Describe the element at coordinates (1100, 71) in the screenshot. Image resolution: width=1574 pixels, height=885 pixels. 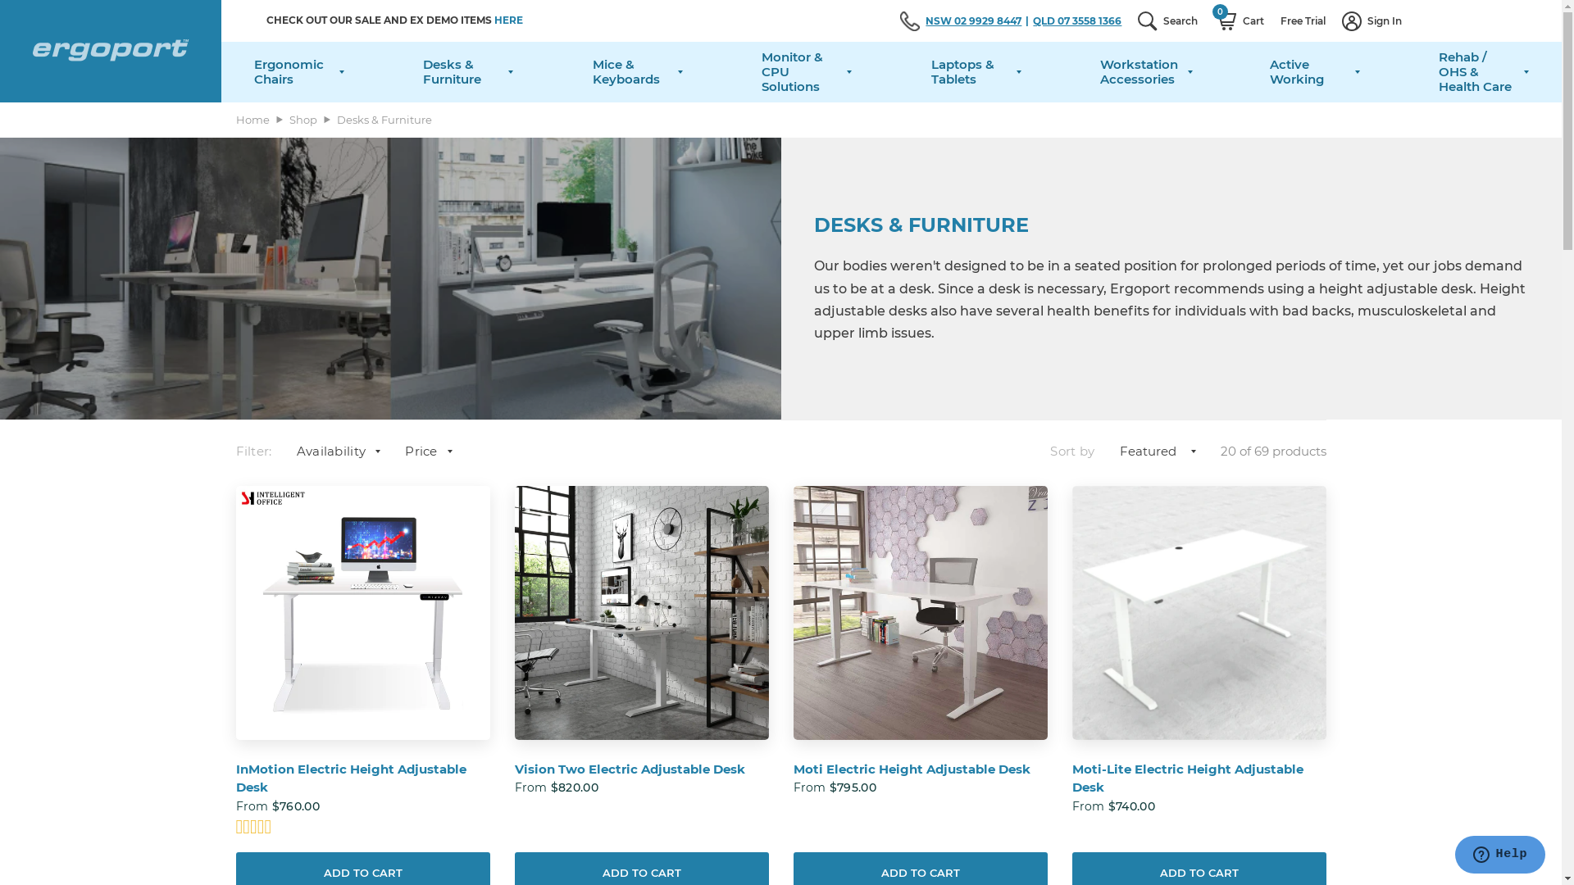
I see `'Workstation Accessories'` at that location.